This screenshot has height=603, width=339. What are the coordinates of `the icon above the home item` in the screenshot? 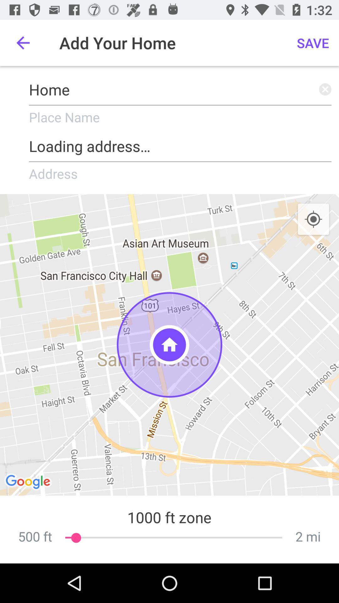 It's located at (313, 42).